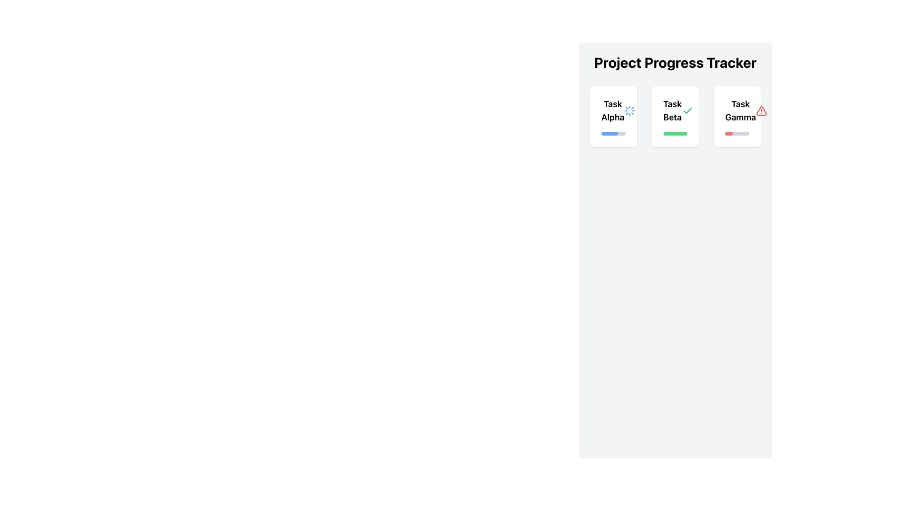  What do you see at coordinates (675, 116) in the screenshot?
I see `the progress of the task represented by the middle card labeled 'Task Beta' in the grid layout of the Project Progress Tracker` at bounding box center [675, 116].